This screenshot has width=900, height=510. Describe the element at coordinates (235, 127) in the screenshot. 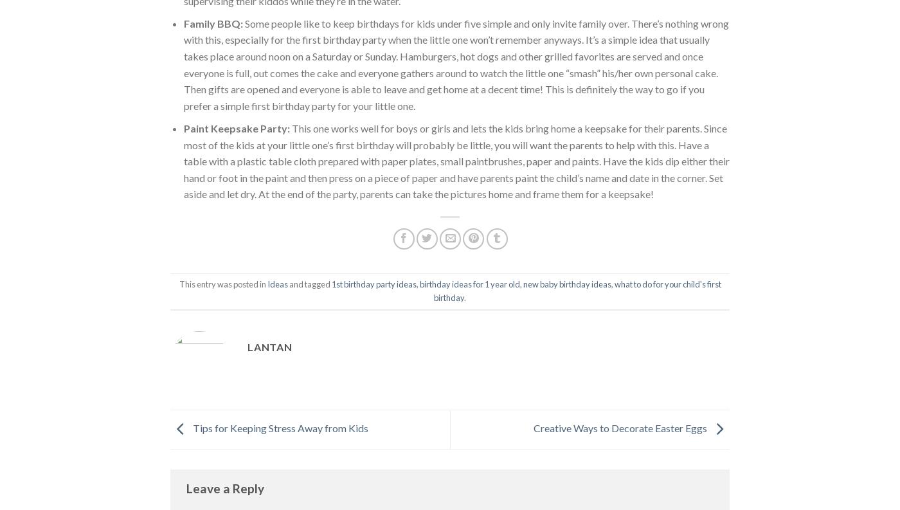

I see `'Paint Keepsake Party:'` at that location.